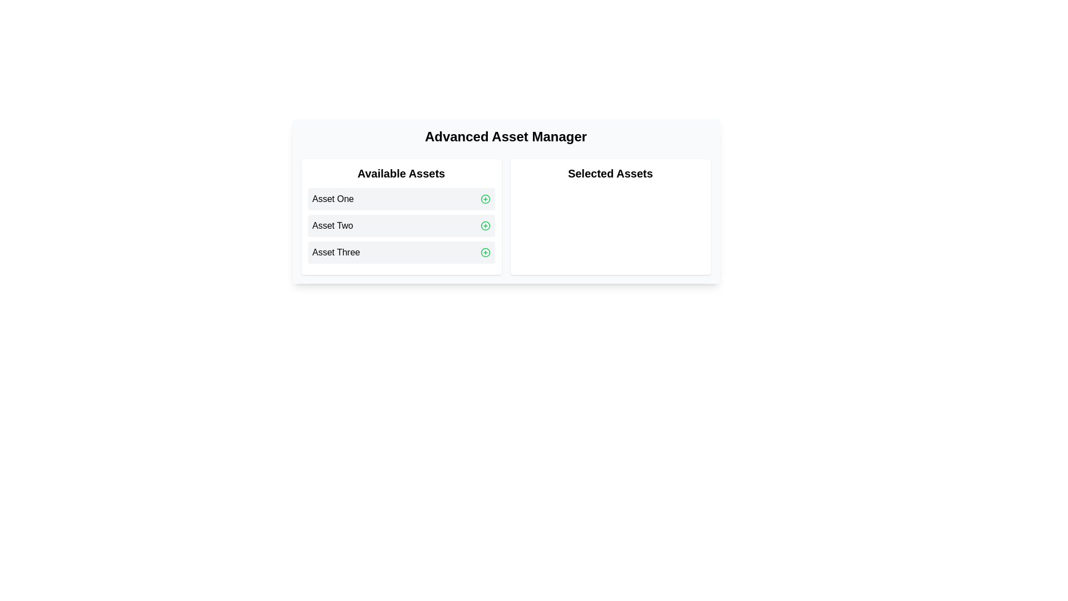 The height and width of the screenshot is (601, 1068). What do you see at coordinates (610, 174) in the screenshot?
I see `the Text Label that serves as a title or heading for the section displaying selected assets, located at the top center of its containing white box on the right side of the user interface` at bounding box center [610, 174].